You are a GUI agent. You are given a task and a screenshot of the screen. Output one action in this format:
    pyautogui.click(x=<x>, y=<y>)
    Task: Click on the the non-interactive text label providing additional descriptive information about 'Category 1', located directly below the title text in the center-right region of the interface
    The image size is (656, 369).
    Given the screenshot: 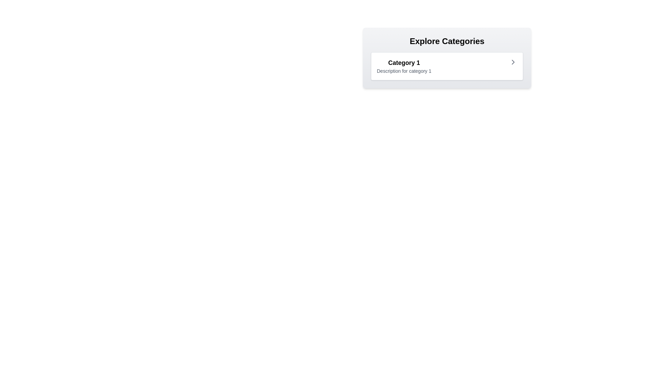 What is the action you would take?
    pyautogui.click(x=404, y=71)
    